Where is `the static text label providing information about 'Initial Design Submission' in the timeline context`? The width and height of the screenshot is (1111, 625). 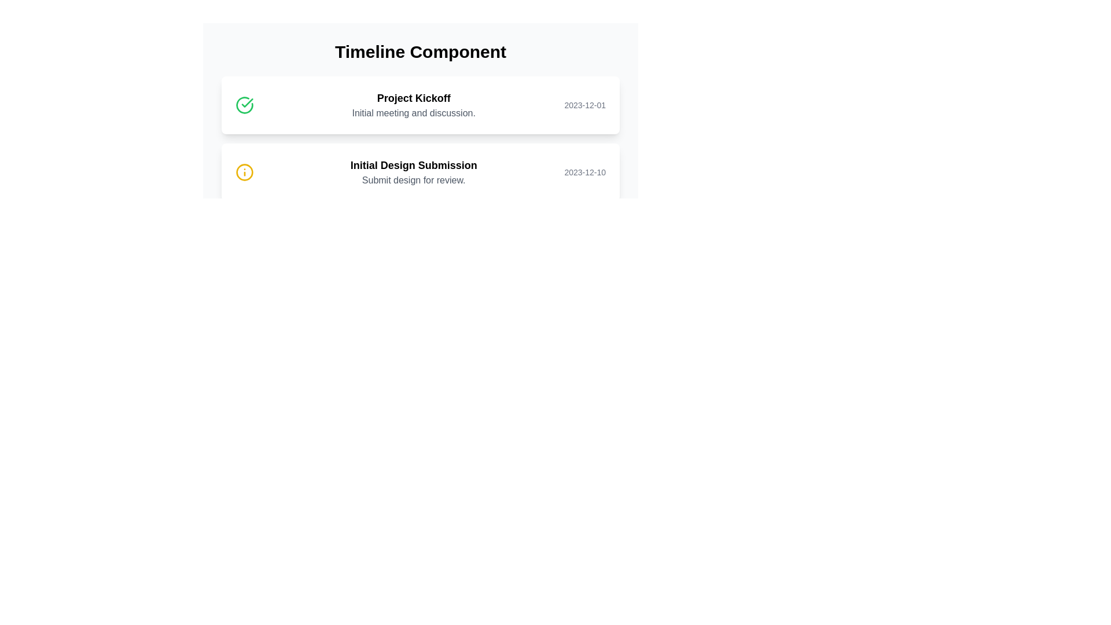
the static text label providing information about 'Initial Design Submission' in the timeline context is located at coordinates (414, 181).